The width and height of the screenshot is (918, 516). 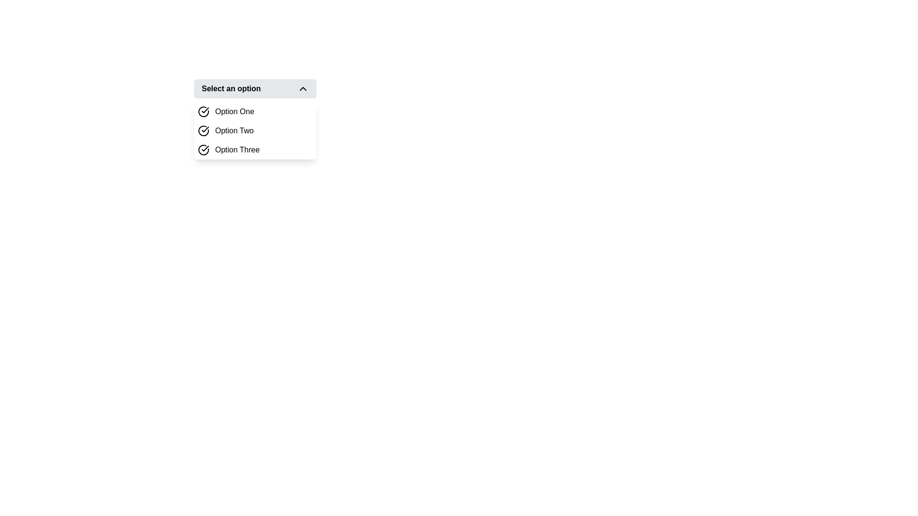 I want to click on the function of the 'Option Three' icon in the dropdown menu, which indicates that this choice is selected, so click(x=203, y=150).